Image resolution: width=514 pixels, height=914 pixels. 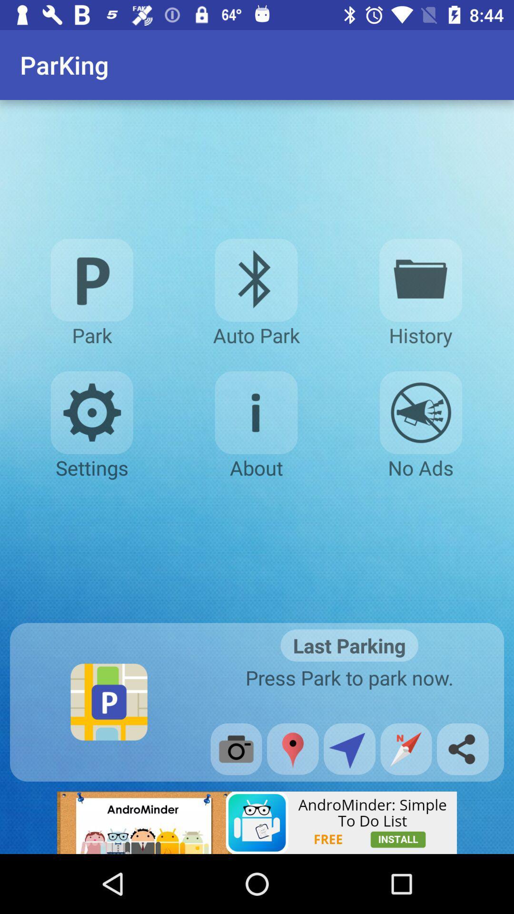 I want to click on the explore icon, so click(x=406, y=748).